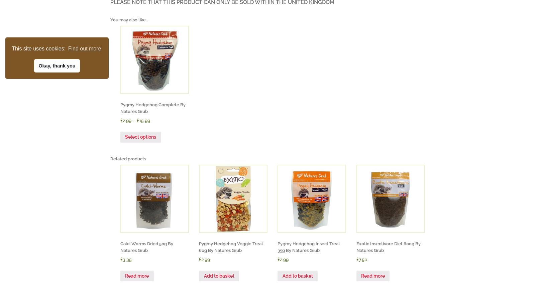 This screenshot has width=535, height=292. Describe the element at coordinates (56, 65) in the screenshot. I see `'Okay, thank you'` at that location.